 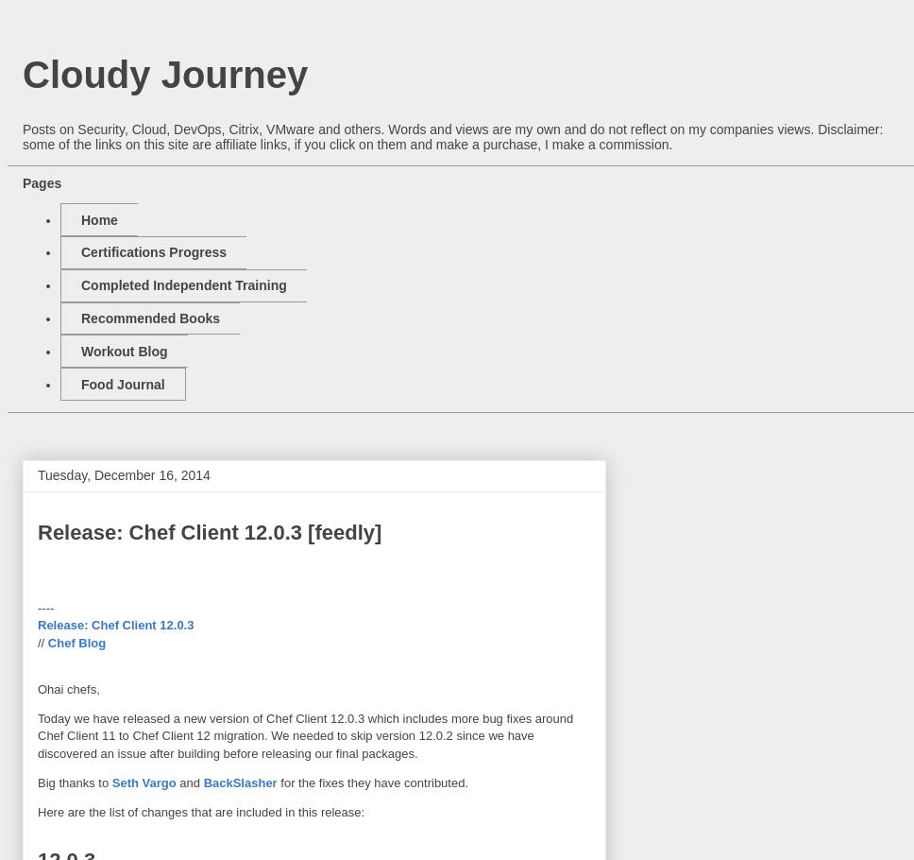 What do you see at coordinates (122, 383) in the screenshot?
I see `'Food Journal'` at bounding box center [122, 383].